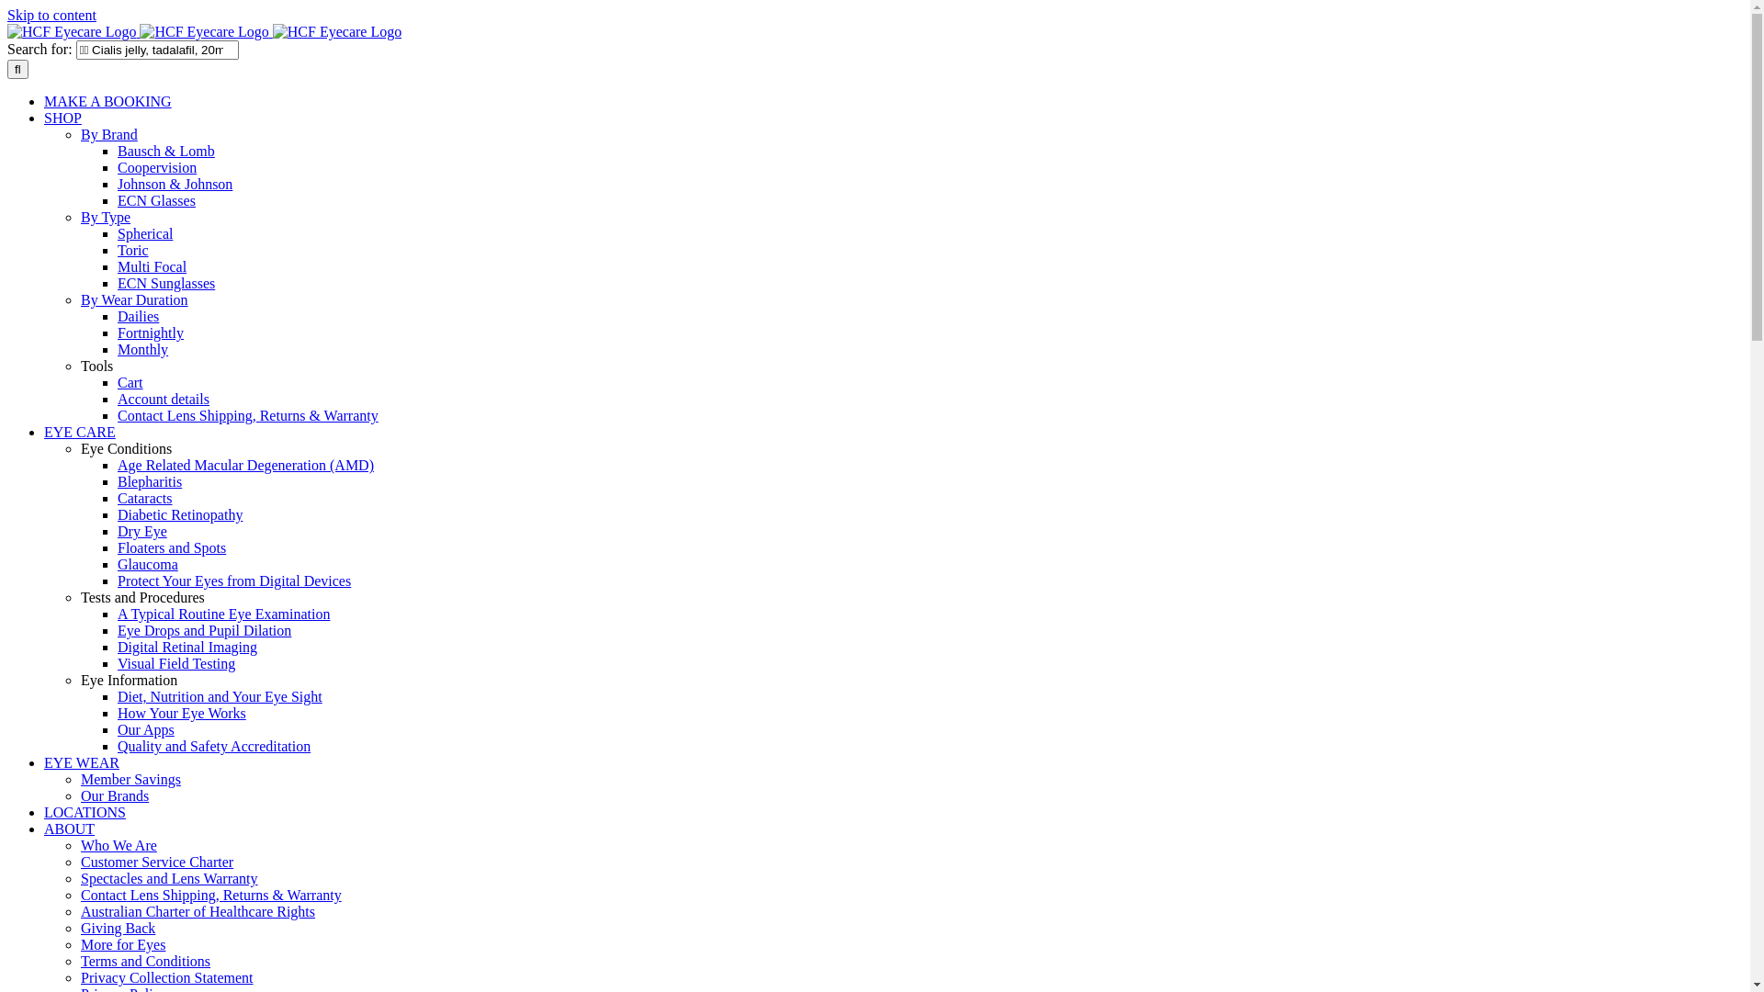 This screenshot has height=992, width=1764. What do you see at coordinates (220, 696) in the screenshot?
I see `'Diet, Nutrition and Your Eye Sight'` at bounding box center [220, 696].